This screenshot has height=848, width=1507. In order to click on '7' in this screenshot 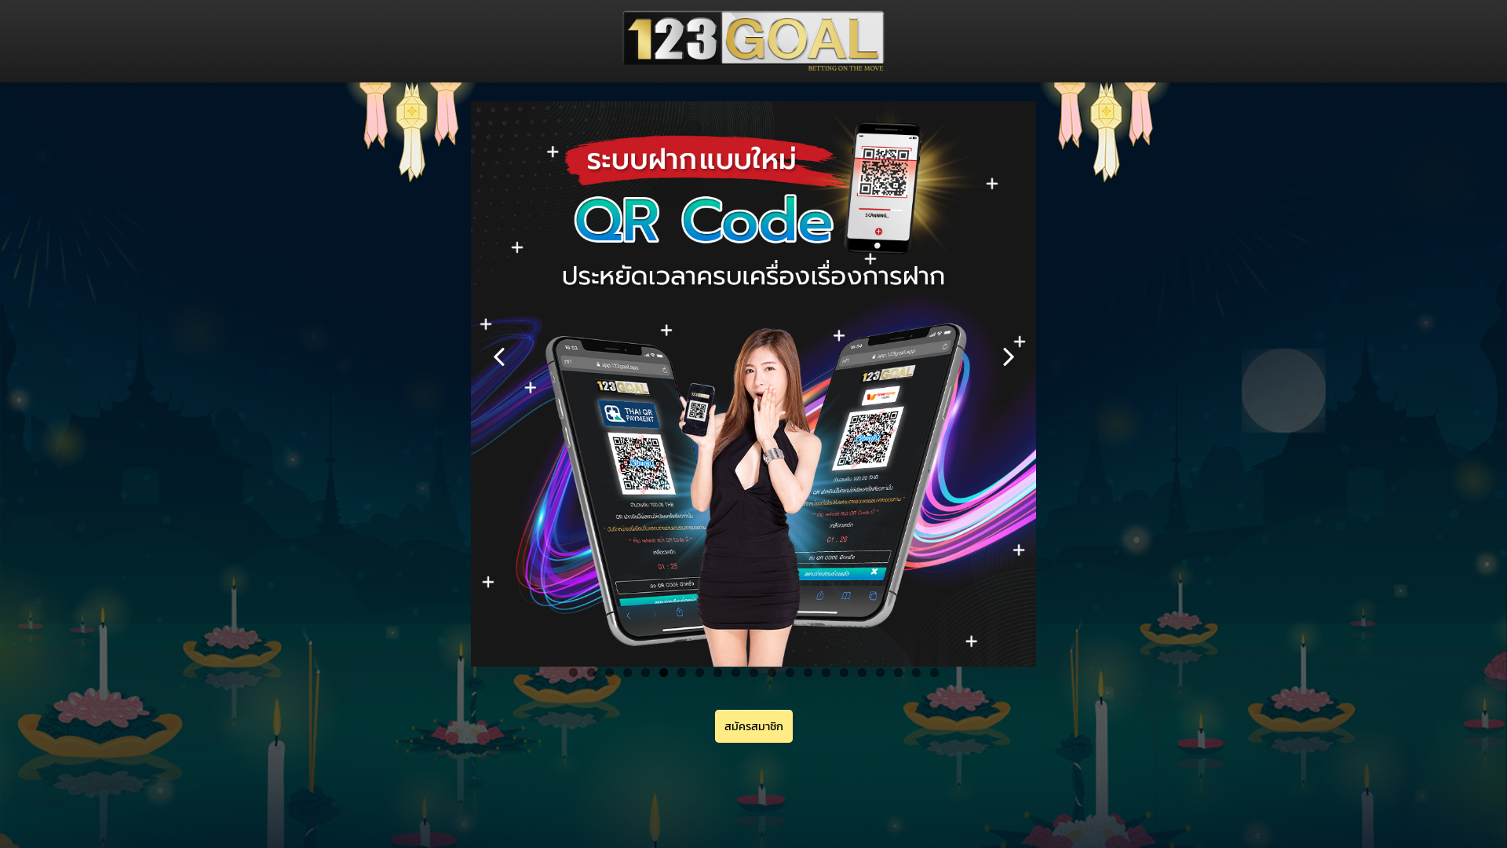, I will do `click(681, 671)`.